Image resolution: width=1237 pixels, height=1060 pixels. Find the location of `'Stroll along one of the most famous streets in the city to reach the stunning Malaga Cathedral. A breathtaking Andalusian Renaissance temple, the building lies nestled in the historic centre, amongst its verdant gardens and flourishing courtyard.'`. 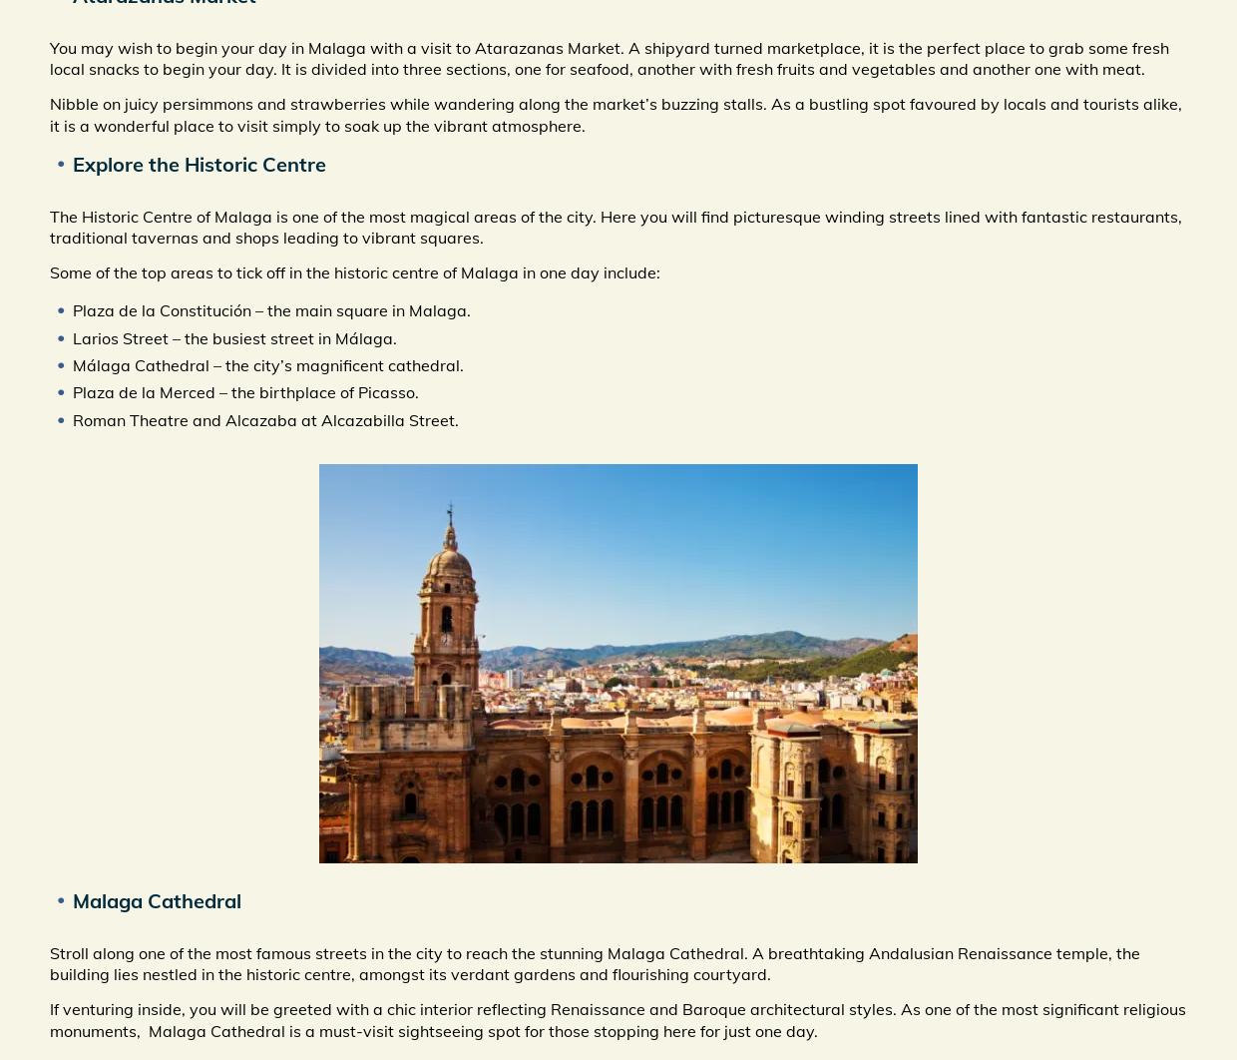

'Stroll along one of the most famous streets in the city to reach the stunning Malaga Cathedral. A breathtaking Andalusian Renaissance temple, the building lies nestled in the historic centre, amongst its verdant gardens and flourishing courtyard.' is located at coordinates (595, 962).